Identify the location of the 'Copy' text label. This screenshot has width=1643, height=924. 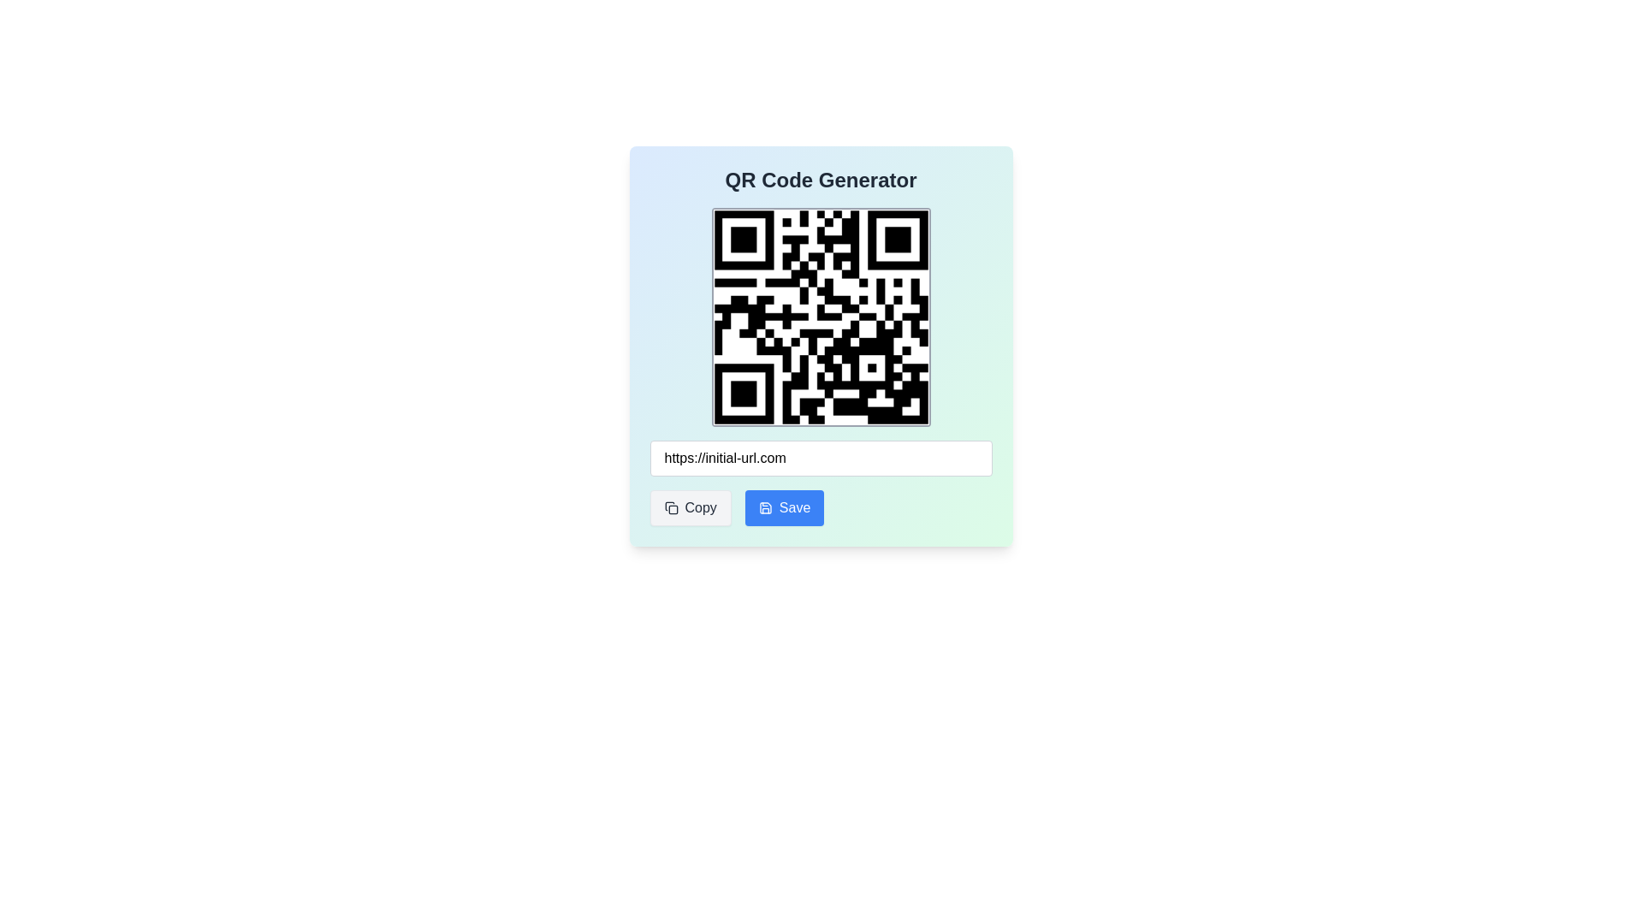
(701, 507).